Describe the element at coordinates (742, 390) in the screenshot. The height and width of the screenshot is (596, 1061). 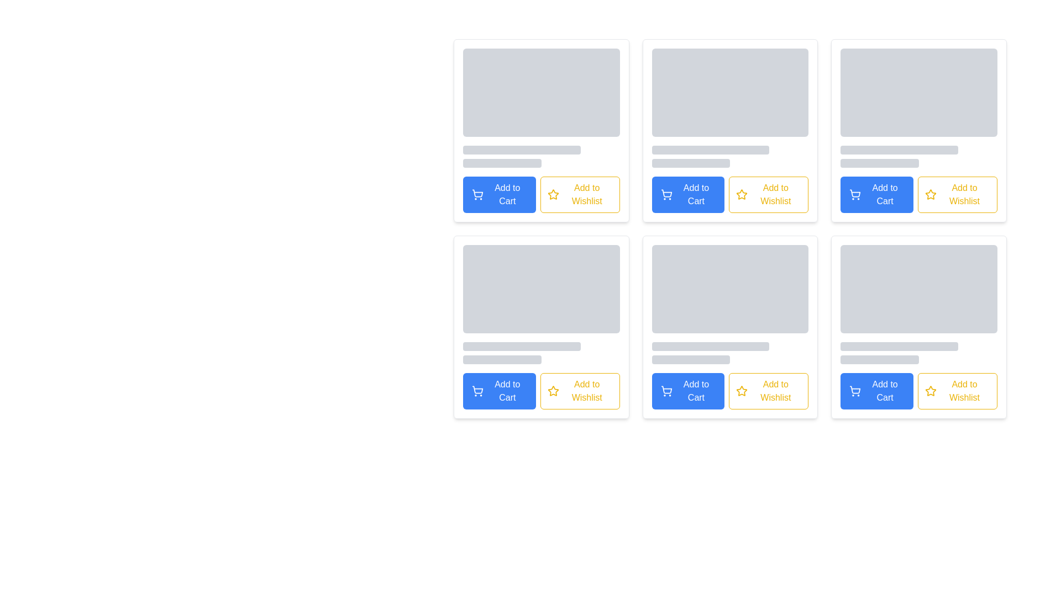
I see `the five-pointed star icon, outlined in golden yellow, located to the left of the 'Add to Wishlist' button in the sixth card of the grid layout` at that location.